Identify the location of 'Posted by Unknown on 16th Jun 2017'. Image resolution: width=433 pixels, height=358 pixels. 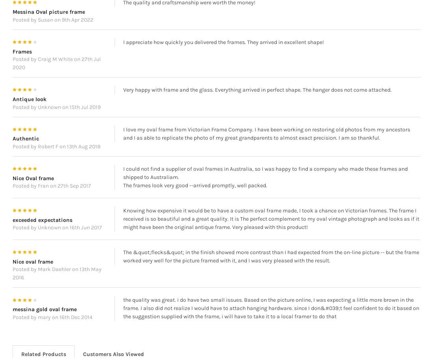
(56, 238).